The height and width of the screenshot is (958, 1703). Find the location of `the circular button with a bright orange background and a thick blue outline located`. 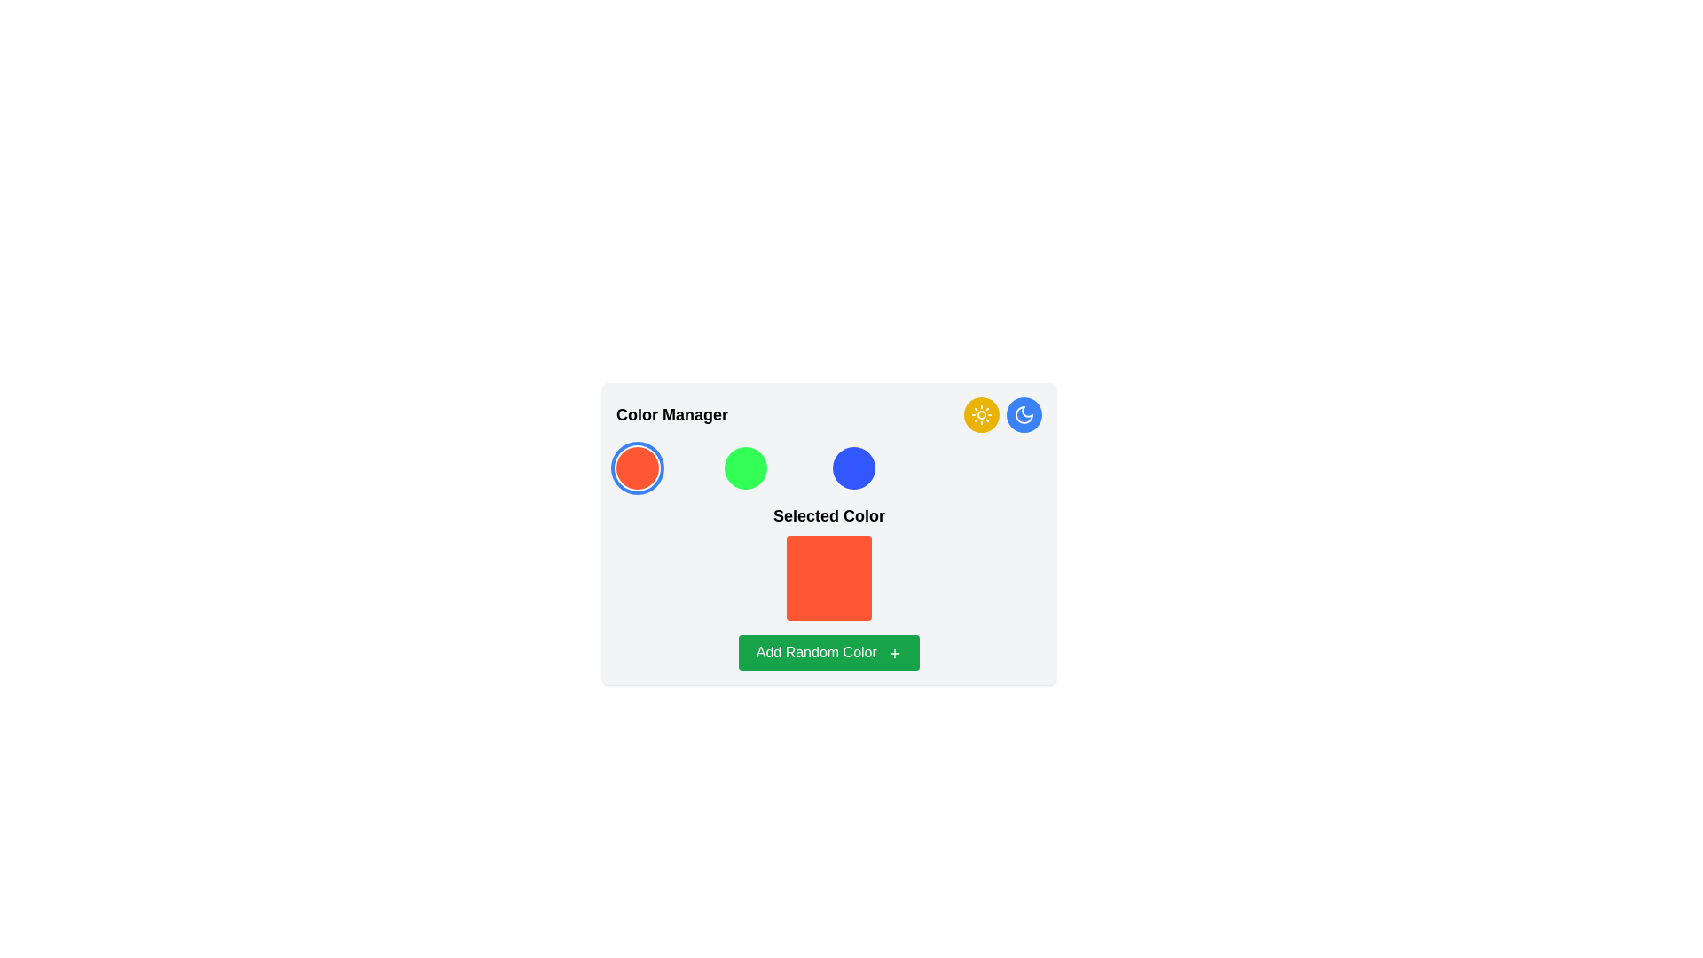

the circular button with a bright orange background and a thick blue outline located is located at coordinates (638, 467).